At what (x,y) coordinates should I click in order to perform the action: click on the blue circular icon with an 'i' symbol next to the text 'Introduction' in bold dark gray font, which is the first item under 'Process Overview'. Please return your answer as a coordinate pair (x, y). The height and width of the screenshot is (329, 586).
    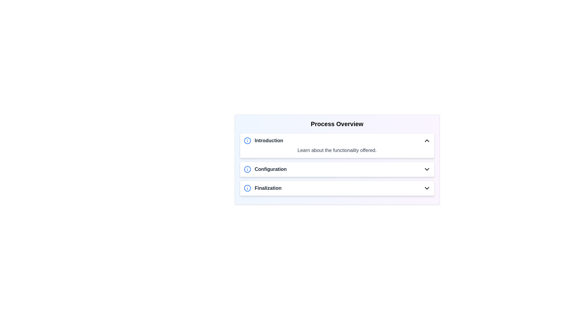
    Looking at the image, I should click on (263, 141).